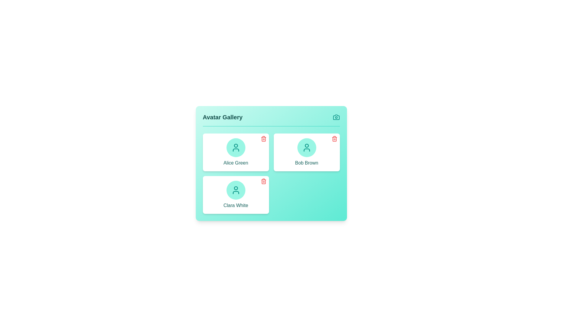 Image resolution: width=567 pixels, height=319 pixels. I want to click on the delete button located at the upper-right corner of the 'Alice Green' card to change its appearance, so click(263, 139).